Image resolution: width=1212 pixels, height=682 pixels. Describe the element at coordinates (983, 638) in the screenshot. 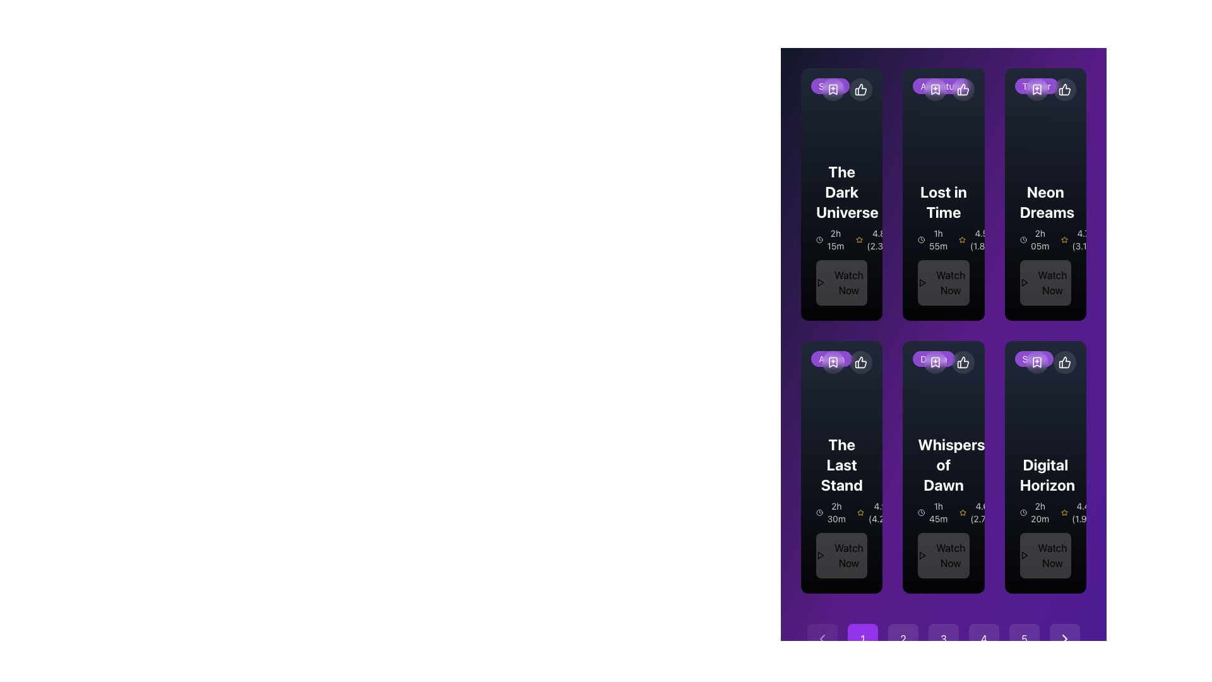

I see `the circular button displaying the number '4'` at that location.